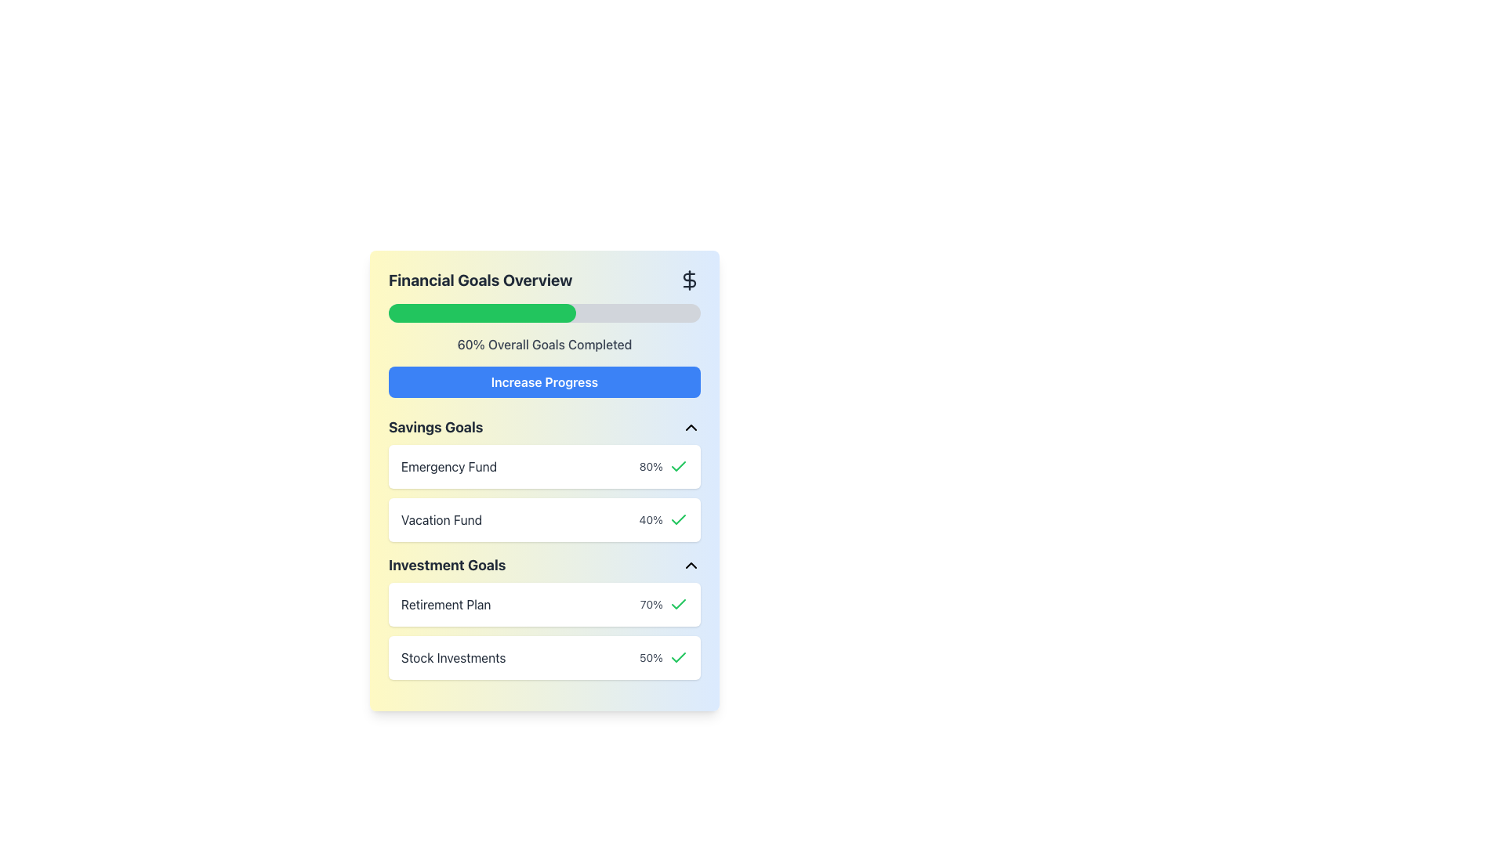  I want to click on the 'Stock Investments' textual label, so click(452, 658).